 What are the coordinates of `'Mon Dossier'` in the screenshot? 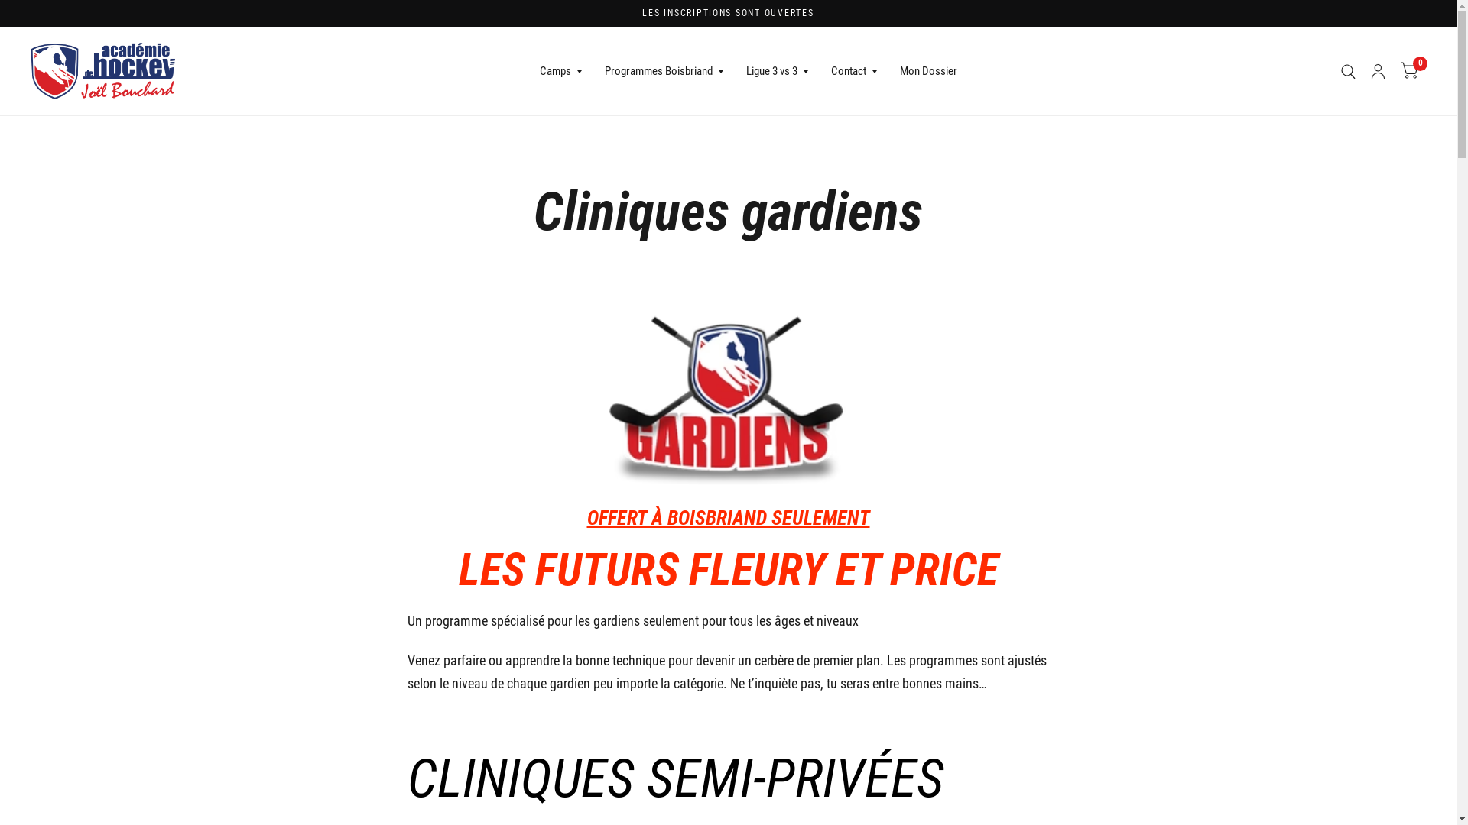 It's located at (927, 71).